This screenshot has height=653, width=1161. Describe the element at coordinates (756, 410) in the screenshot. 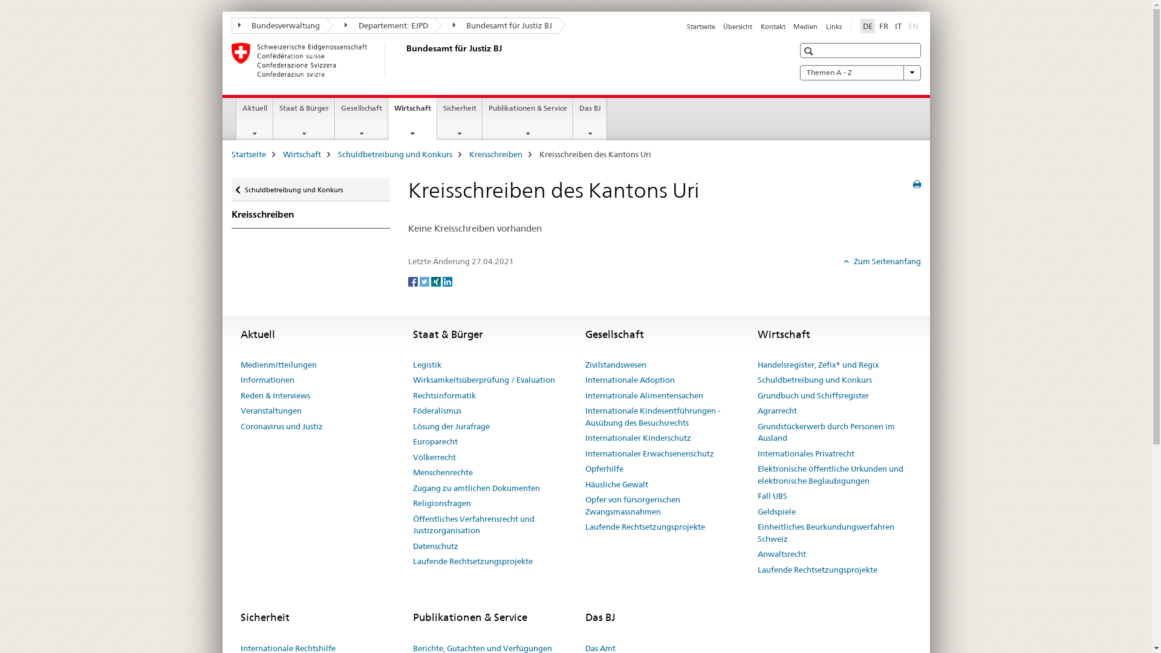

I see `'Agrarrecht'` at that location.